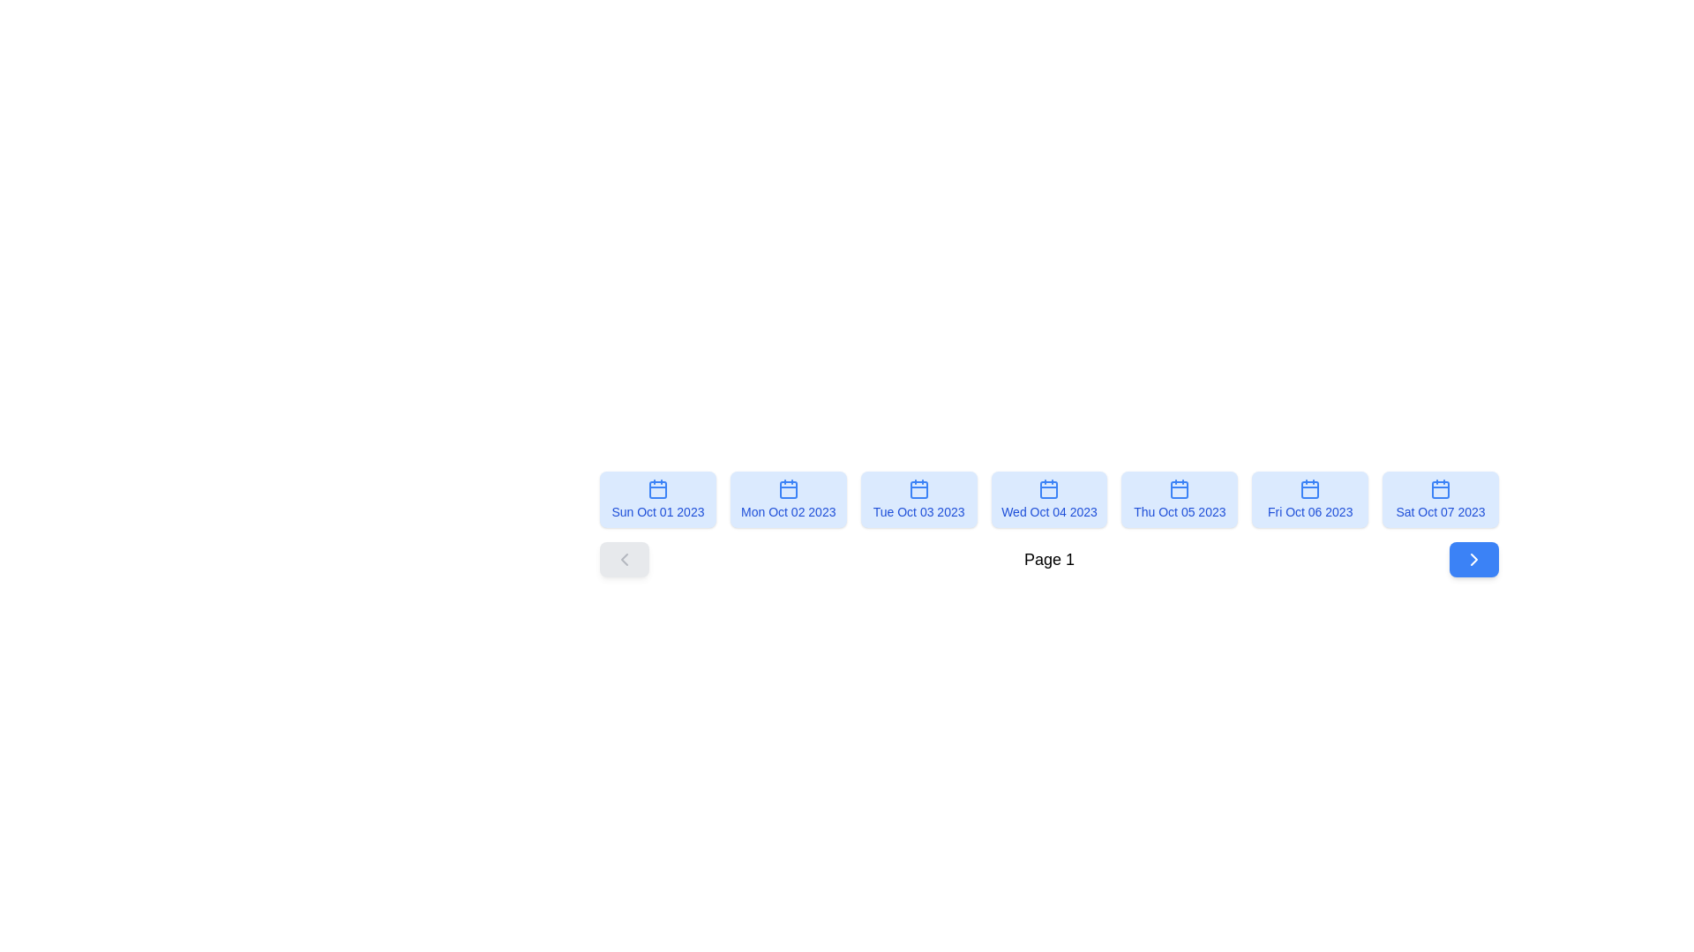  What do you see at coordinates (1180, 500) in the screenshot?
I see `the Card representing Thursday, October 5th, 2023 in the calendar view` at bounding box center [1180, 500].